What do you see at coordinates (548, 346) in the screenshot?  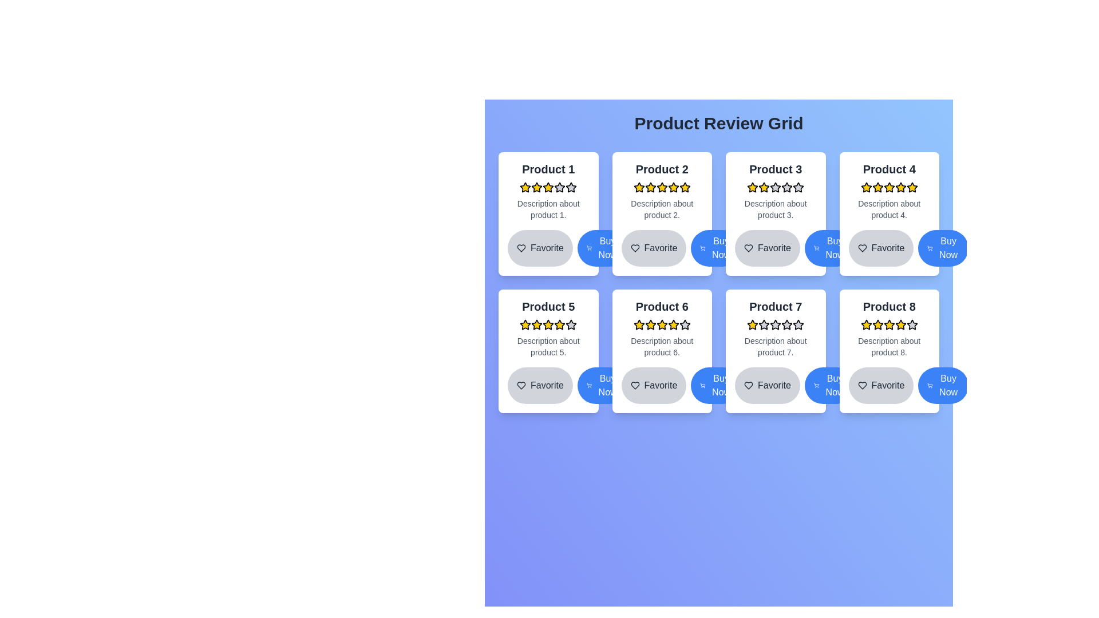 I see `the description text label for 'Product 5', which provides additional information about the product and is centrally aligned under its title` at bounding box center [548, 346].